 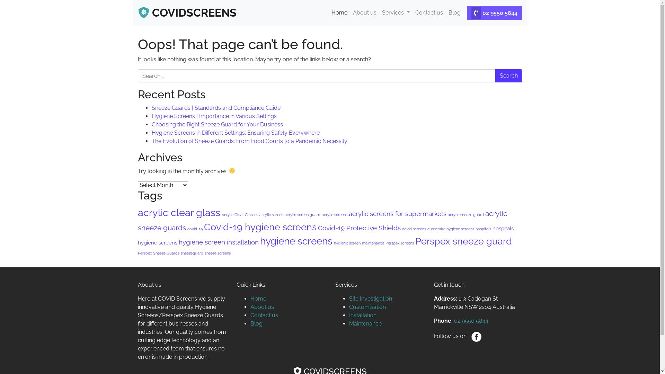 I want to click on 'covid screens', so click(x=414, y=229).